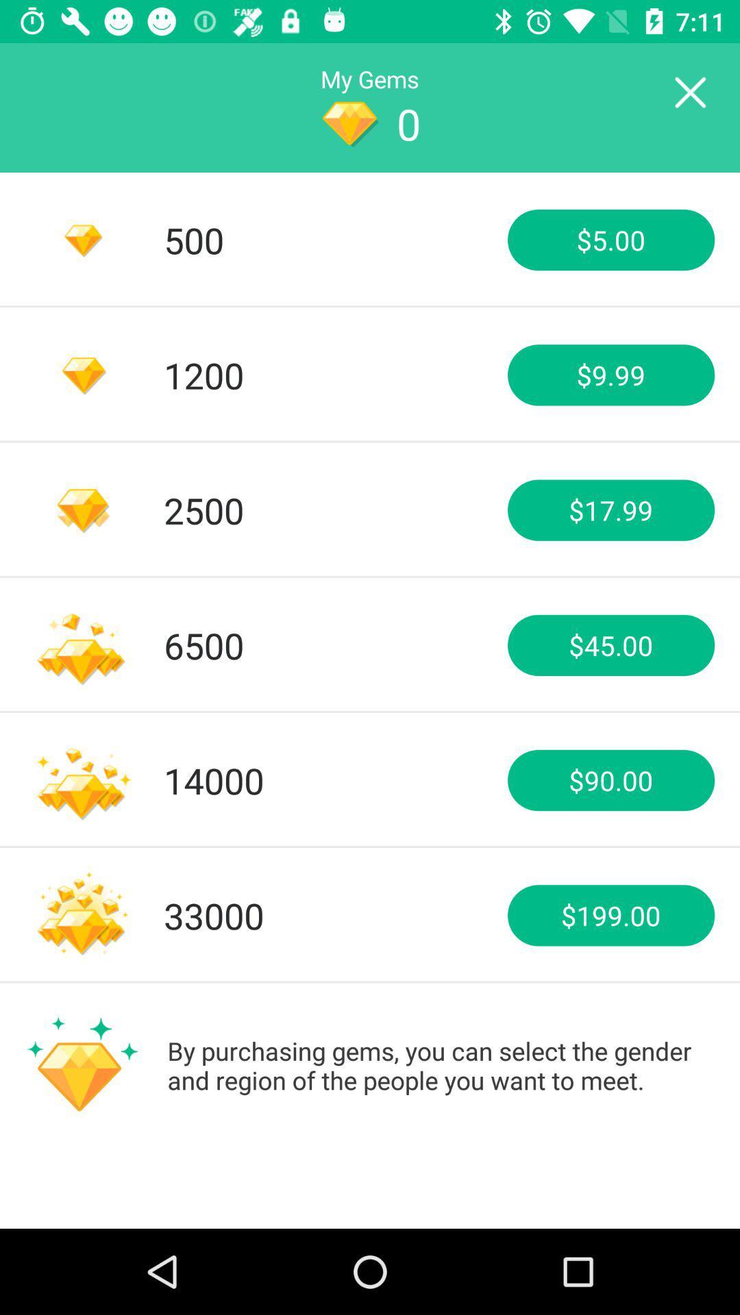 The height and width of the screenshot is (1315, 740). I want to click on current screen, so click(689, 92).